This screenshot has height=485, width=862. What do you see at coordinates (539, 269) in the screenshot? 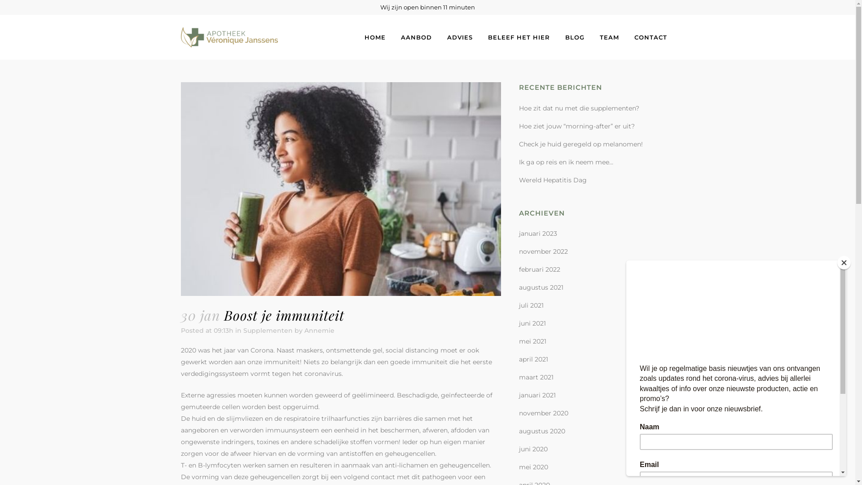
I see `'februari 2022'` at bounding box center [539, 269].